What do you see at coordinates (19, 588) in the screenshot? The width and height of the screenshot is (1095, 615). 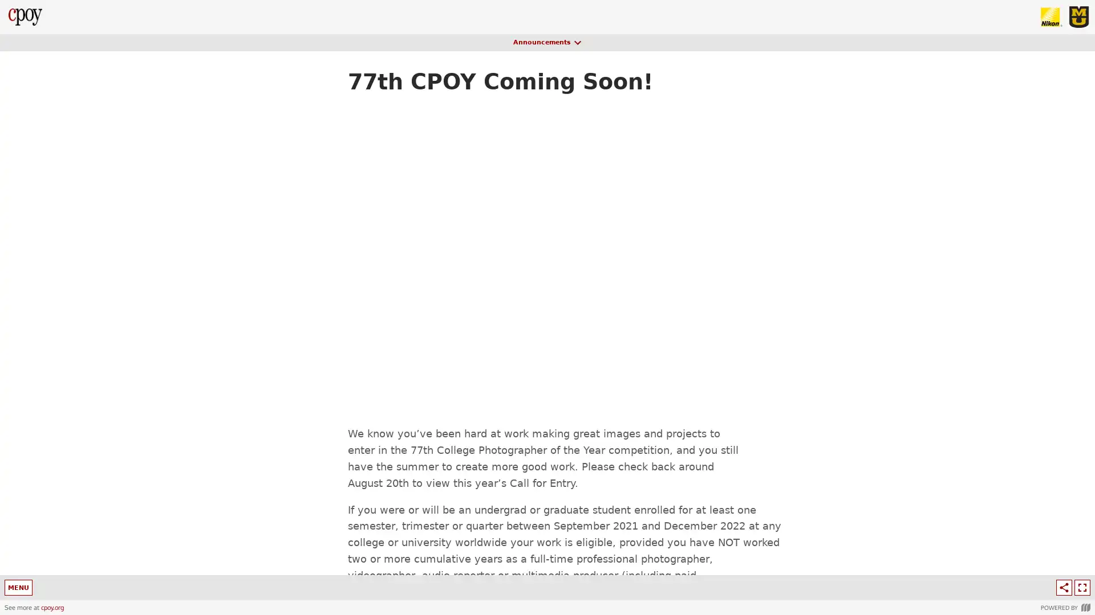 I see `MENU` at bounding box center [19, 588].